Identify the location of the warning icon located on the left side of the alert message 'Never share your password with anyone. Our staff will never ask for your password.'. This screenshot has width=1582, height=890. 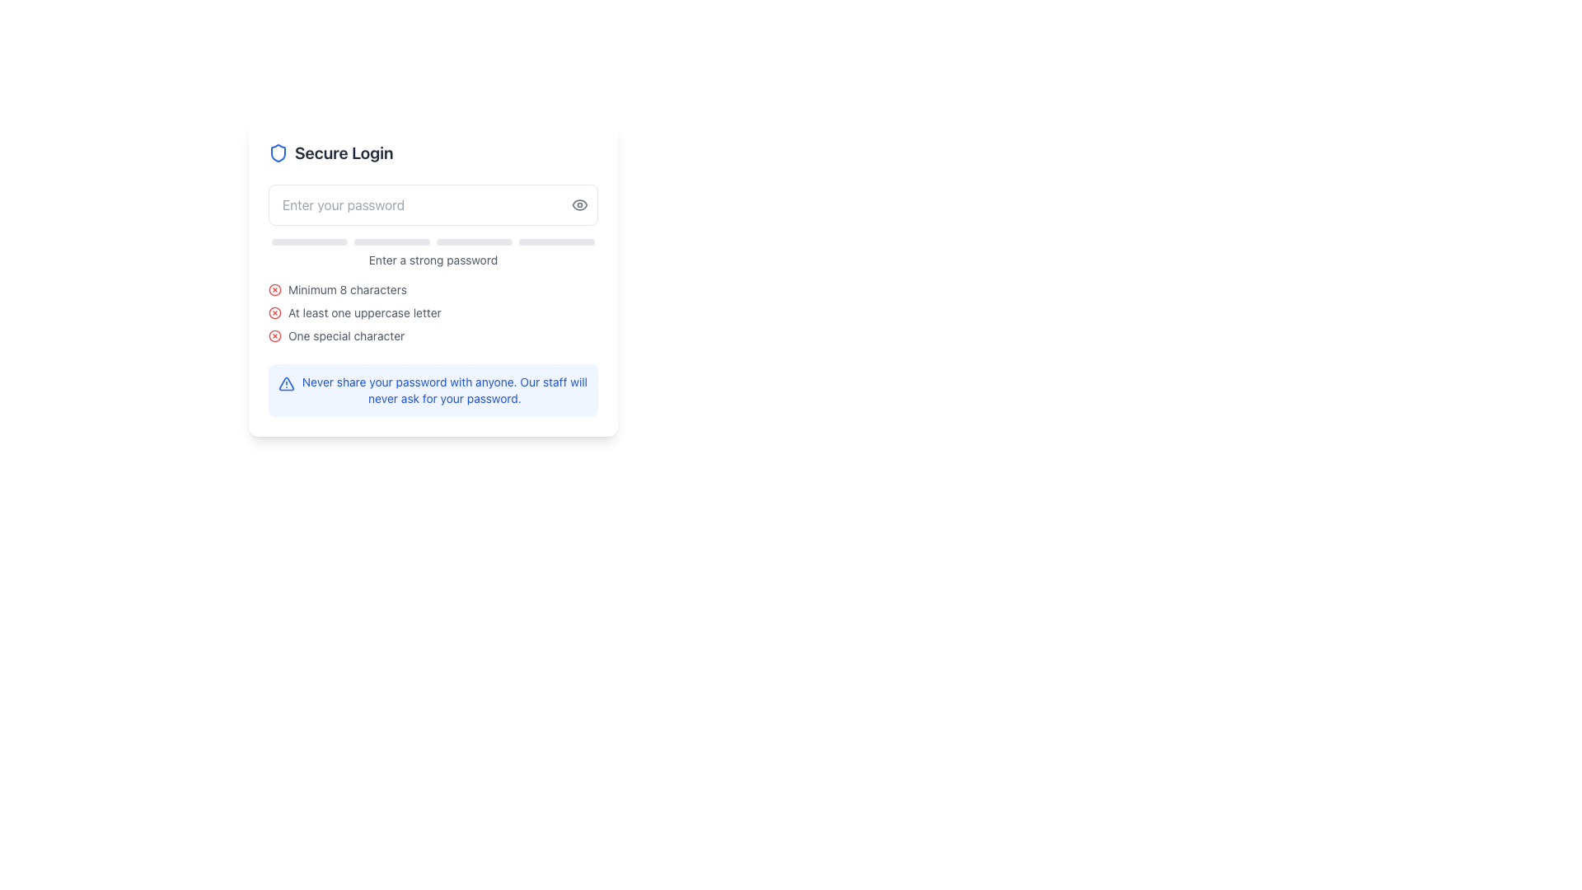
(286, 384).